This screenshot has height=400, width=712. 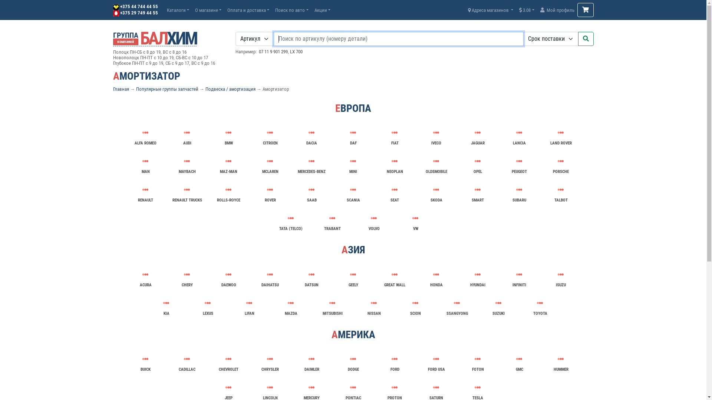 I want to click on 'MAYBACH', so click(x=187, y=163).